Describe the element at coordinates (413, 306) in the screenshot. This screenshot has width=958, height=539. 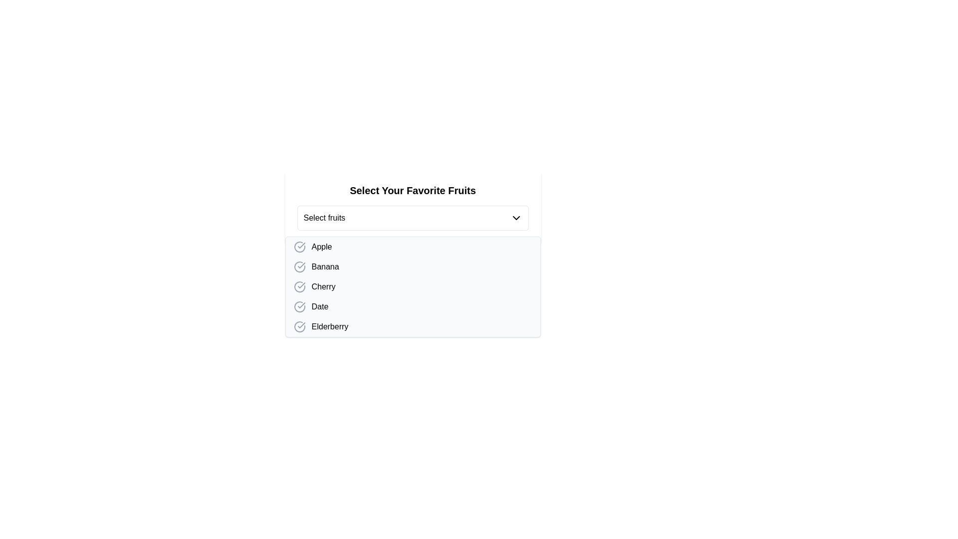
I see `the 'Date' dropdown menu item, which is the fourth item in a vertical list of options` at that location.